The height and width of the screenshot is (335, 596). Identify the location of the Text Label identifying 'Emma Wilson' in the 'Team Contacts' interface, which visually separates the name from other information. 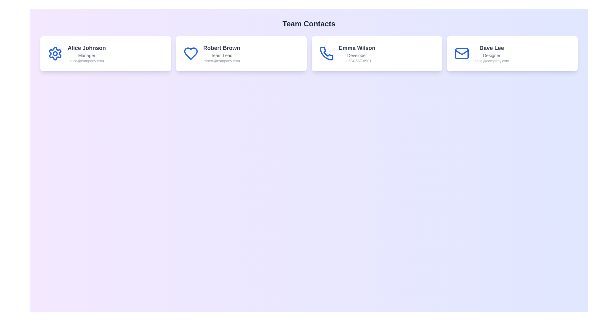
(357, 47).